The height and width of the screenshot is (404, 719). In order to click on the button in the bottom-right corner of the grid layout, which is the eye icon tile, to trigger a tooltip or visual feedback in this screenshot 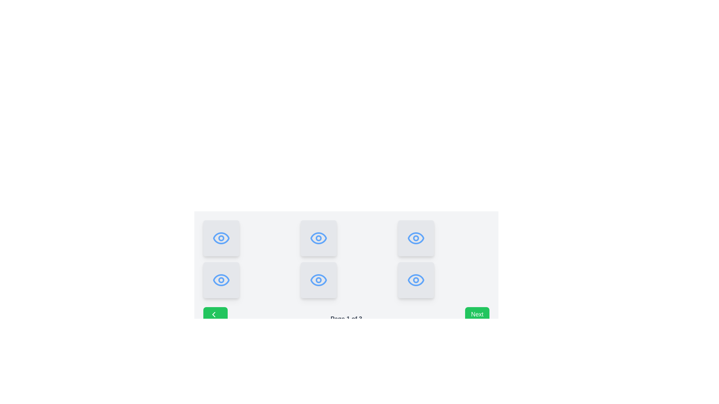, I will do `click(415, 238)`.